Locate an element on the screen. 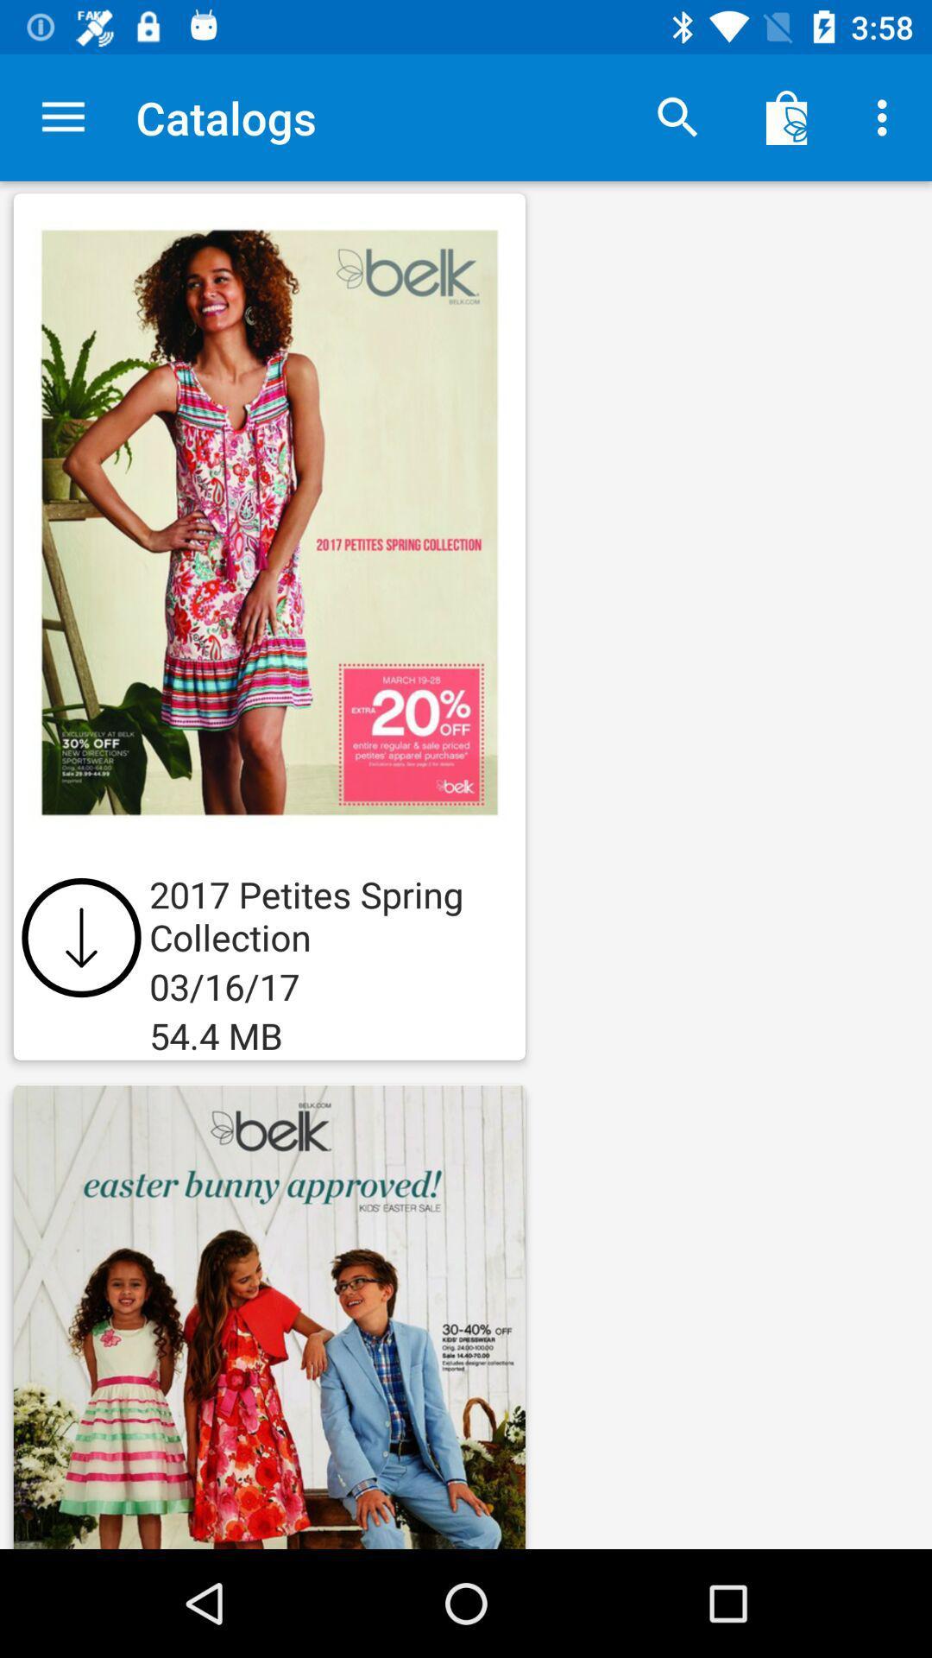  the icon to the right of the catalogs icon is located at coordinates (677, 117).